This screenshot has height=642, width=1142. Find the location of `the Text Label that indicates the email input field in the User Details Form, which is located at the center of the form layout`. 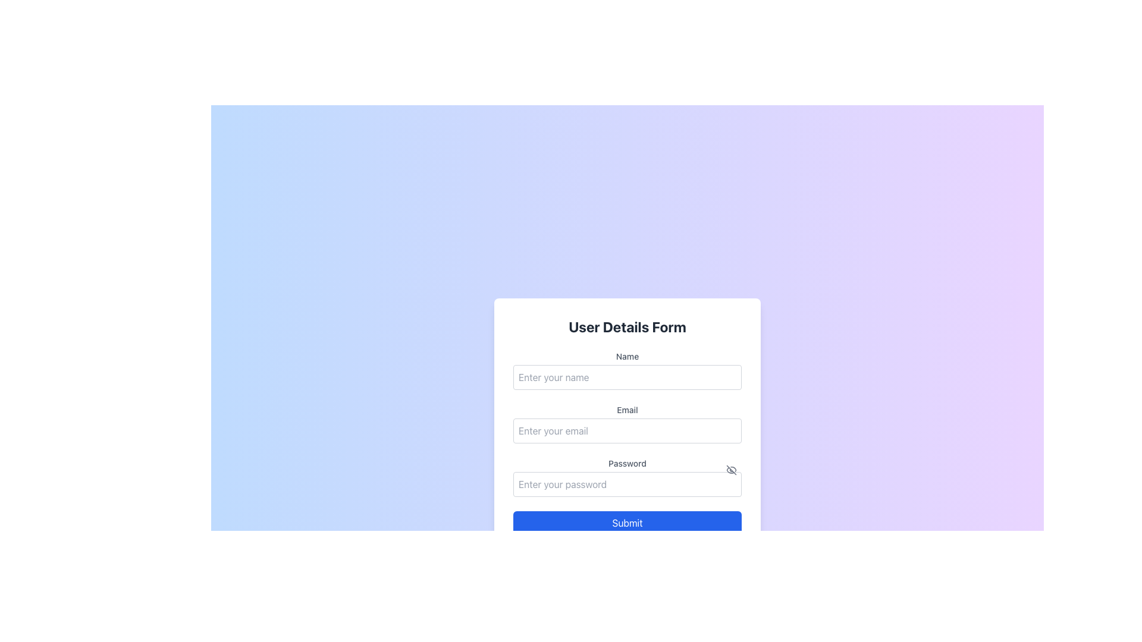

the Text Label that indicates the email input field in the User Details Form, which is located at the center of the form layout is located at coordinates (627, 410).